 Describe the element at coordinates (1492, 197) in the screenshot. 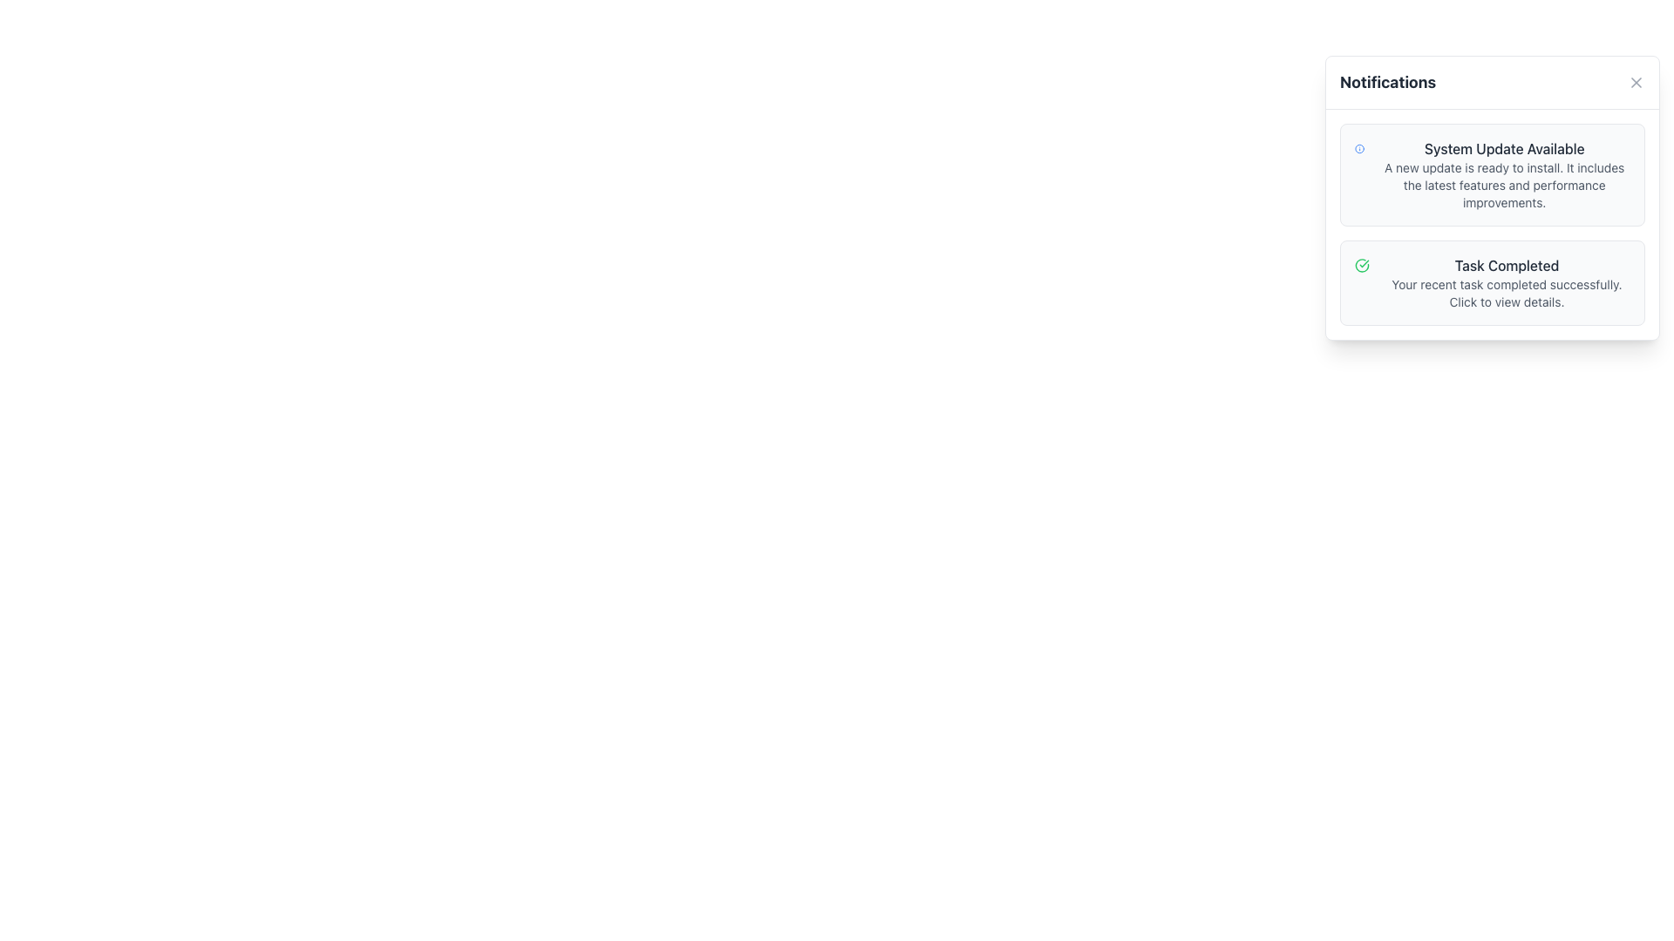

I see `text of the Notification Card titled 'System Update Available', which is styled in bold and contains a descriptive message` at that location.